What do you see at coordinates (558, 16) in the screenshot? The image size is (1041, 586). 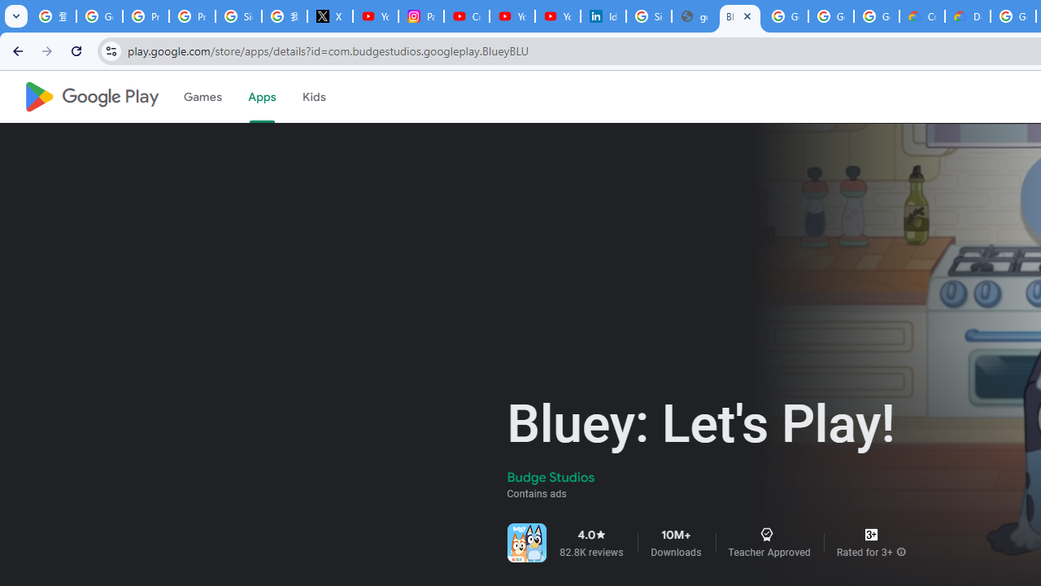 I see `'YouTube Culture & Trends - YouTube Top 10, 2021'` at bounding box center [558, 16].